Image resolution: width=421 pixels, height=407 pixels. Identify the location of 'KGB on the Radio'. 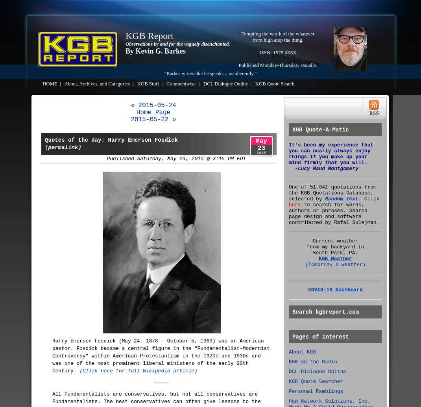
(312, 361).